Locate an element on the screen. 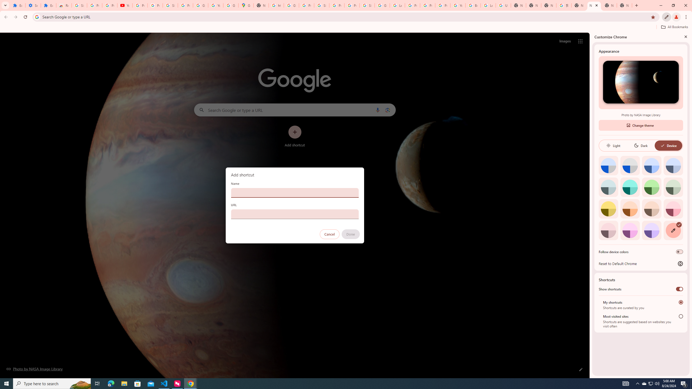 The height and width of the screenshot is (389, 692). 'Customize Chrome' is located at coordinates (667, 17).